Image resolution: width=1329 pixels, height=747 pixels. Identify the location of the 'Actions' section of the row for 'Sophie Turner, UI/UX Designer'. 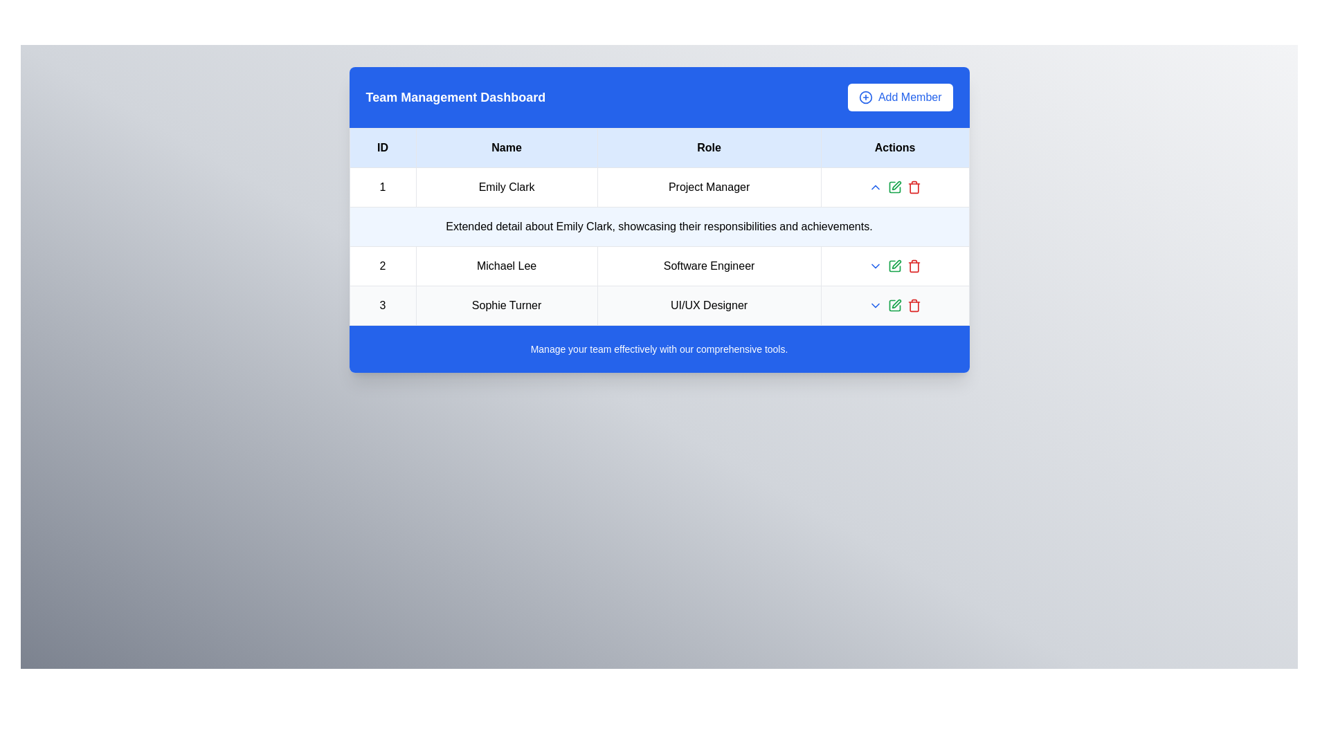
(895, 305).